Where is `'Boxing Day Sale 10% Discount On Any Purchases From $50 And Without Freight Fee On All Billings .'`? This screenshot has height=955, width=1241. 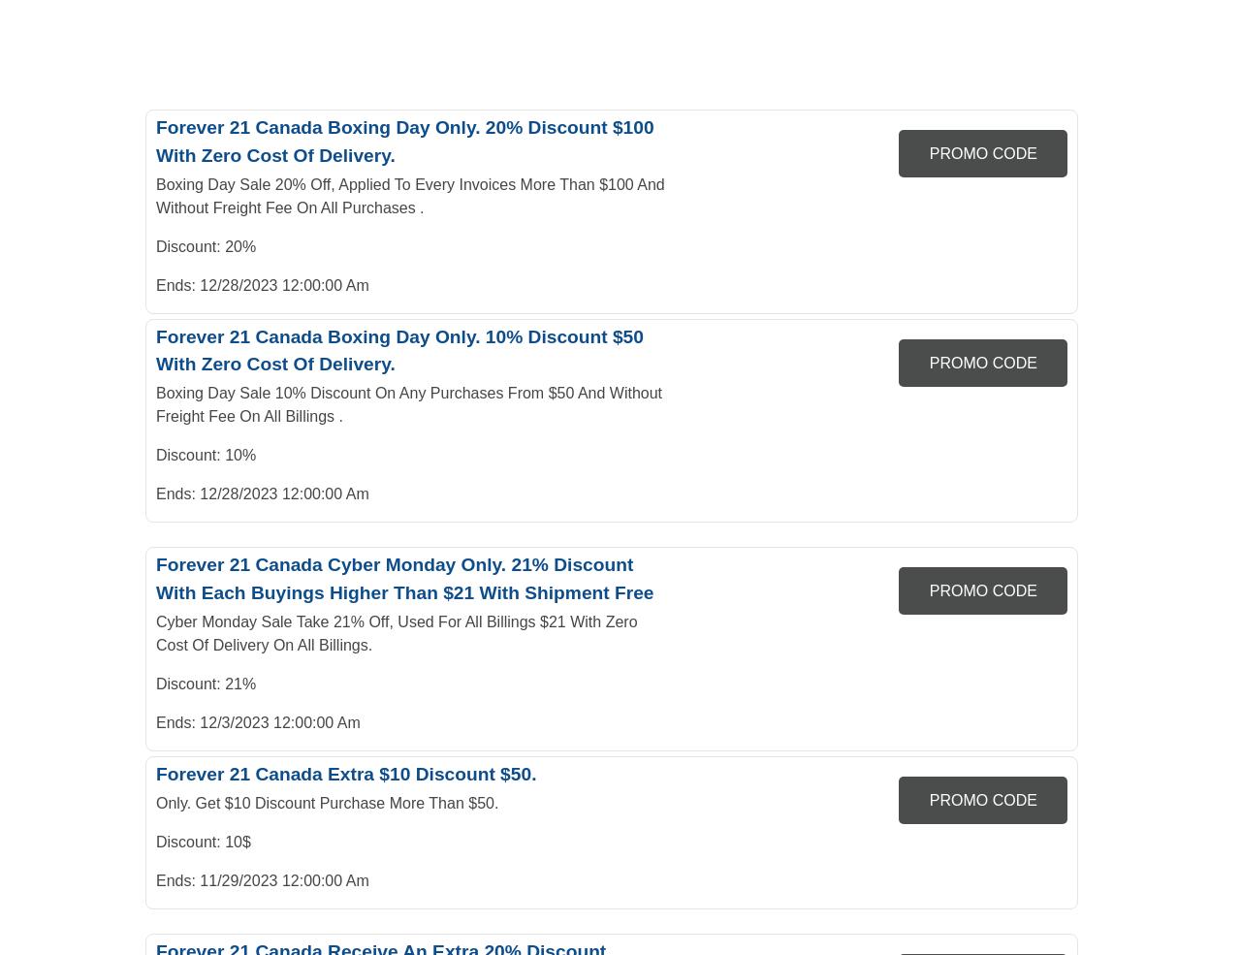
'Boxing Day Sale 10% Discount On Any Purchases From $50 And Without Freight Fee On All Billings .' is located at coordinates (408, 403).